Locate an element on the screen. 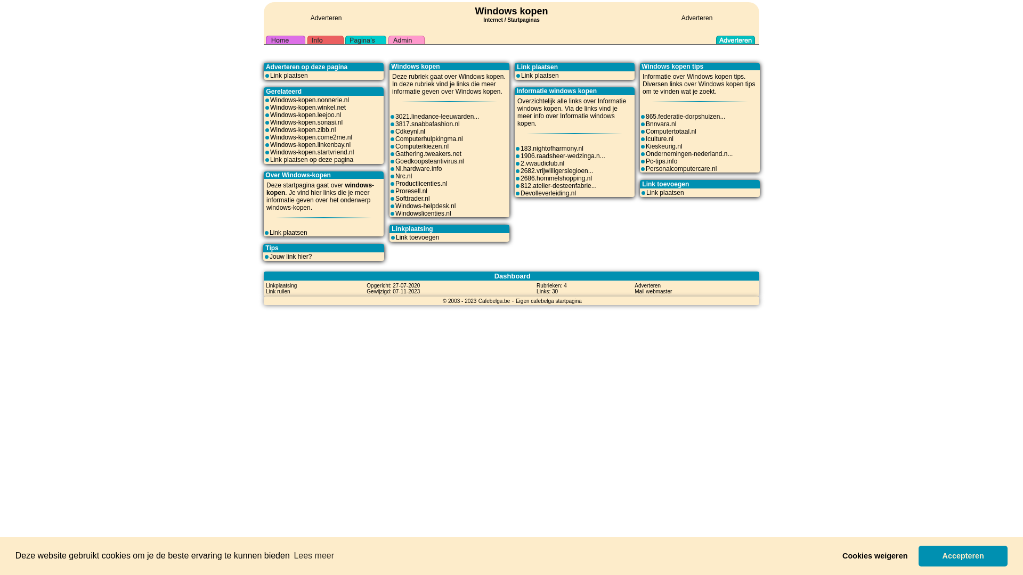 The width and height of the screenshot is (1023, 575). 'Windows-kopen.sonasi.nl' is located at coordinates (270, 122).